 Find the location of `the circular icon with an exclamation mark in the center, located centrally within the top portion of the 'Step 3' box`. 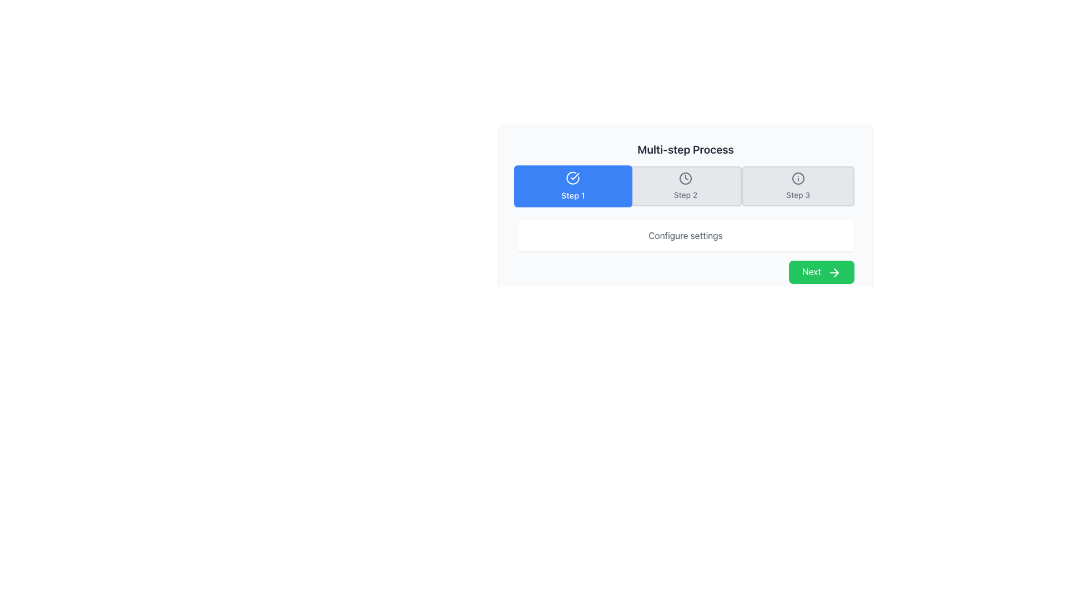

the circular icon with an exclamation mark in the center, located centrally within the top portion of the 'Step 3' box is located at coordinates (797, 177).